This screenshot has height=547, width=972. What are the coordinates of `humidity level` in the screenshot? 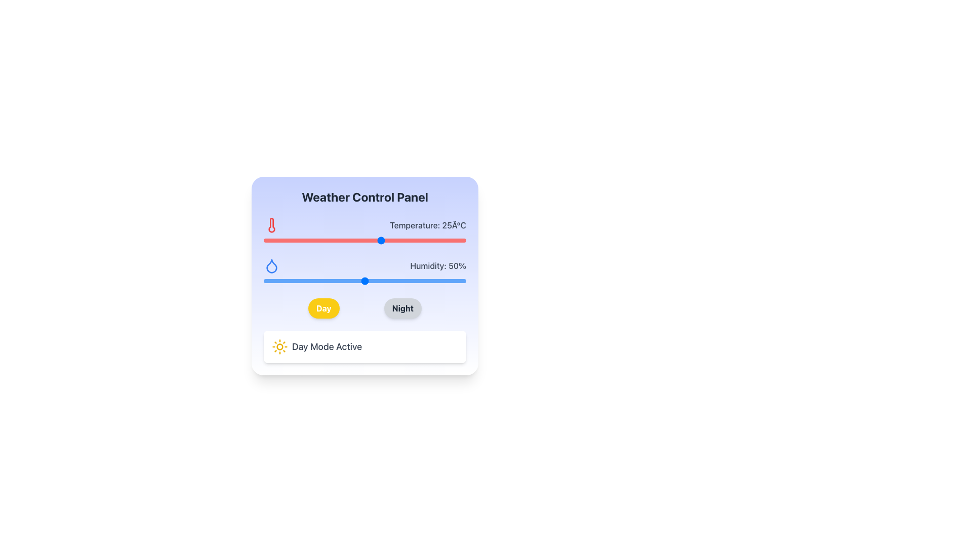 It's located at (326, 281).